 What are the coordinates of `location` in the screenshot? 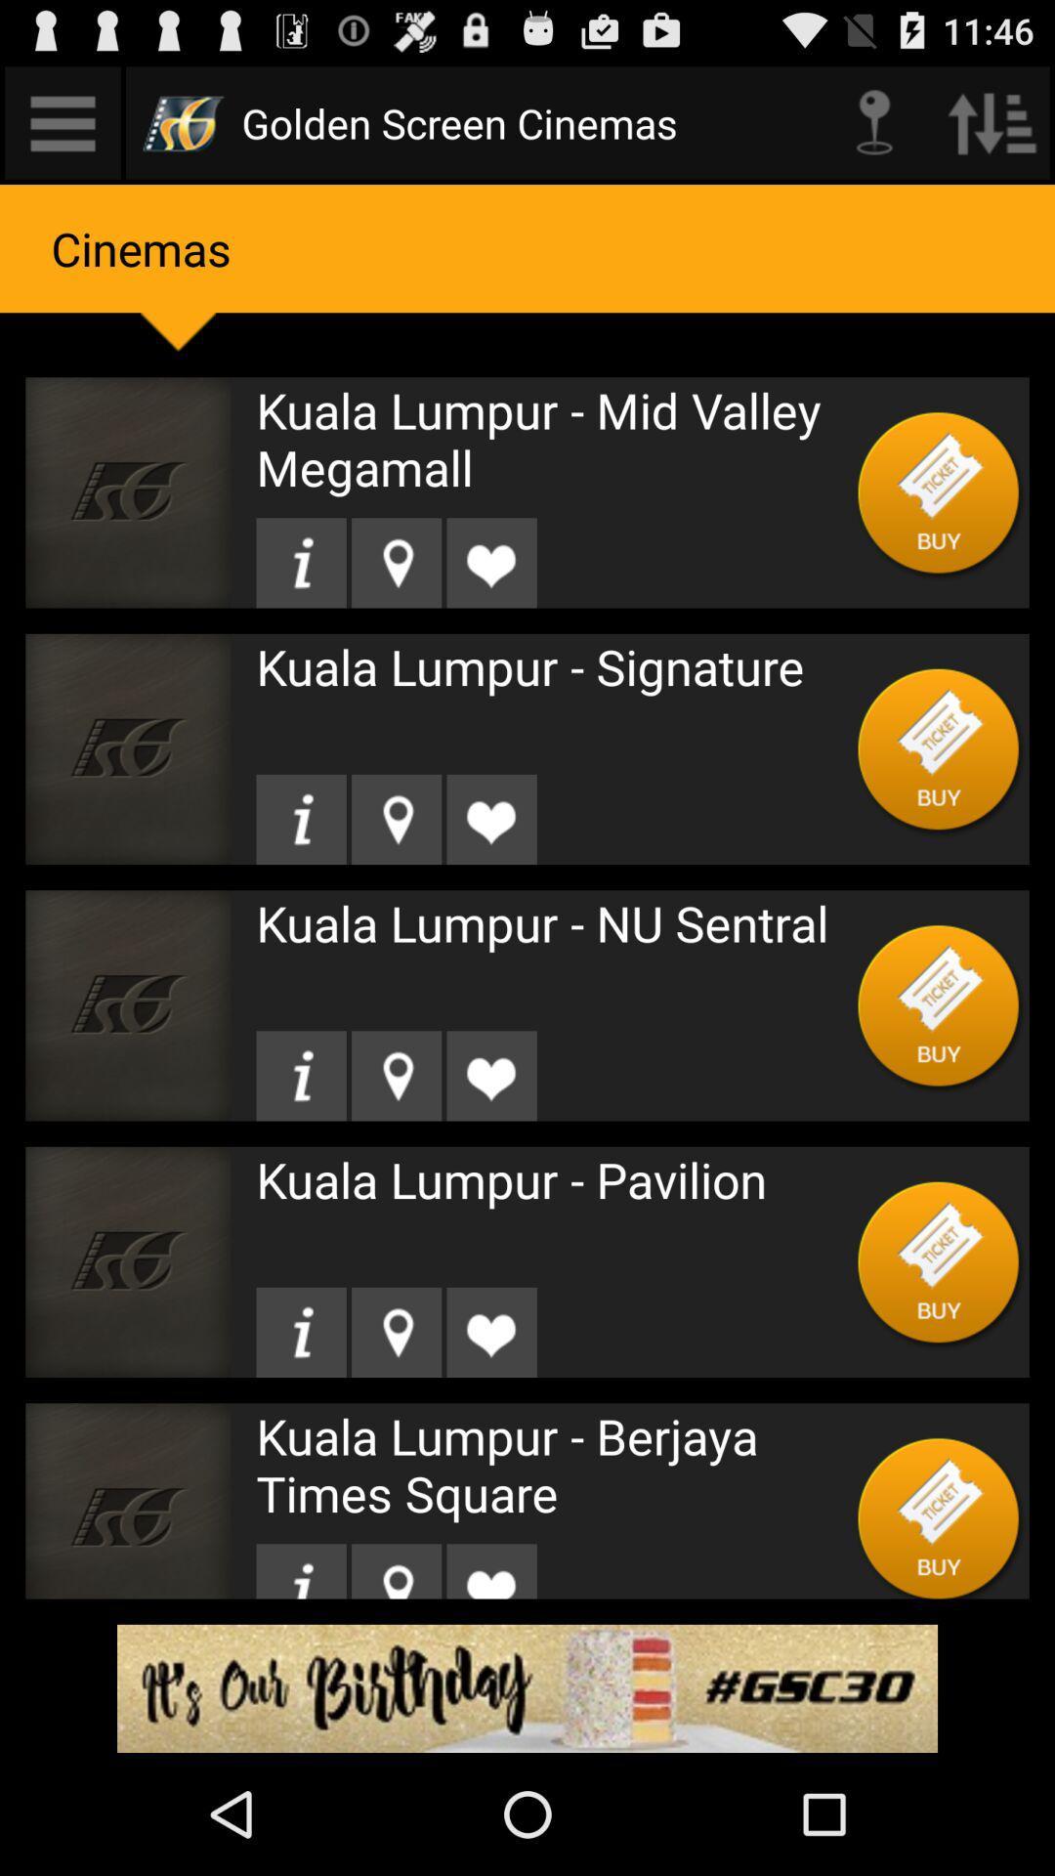 It's located at (396, 819).